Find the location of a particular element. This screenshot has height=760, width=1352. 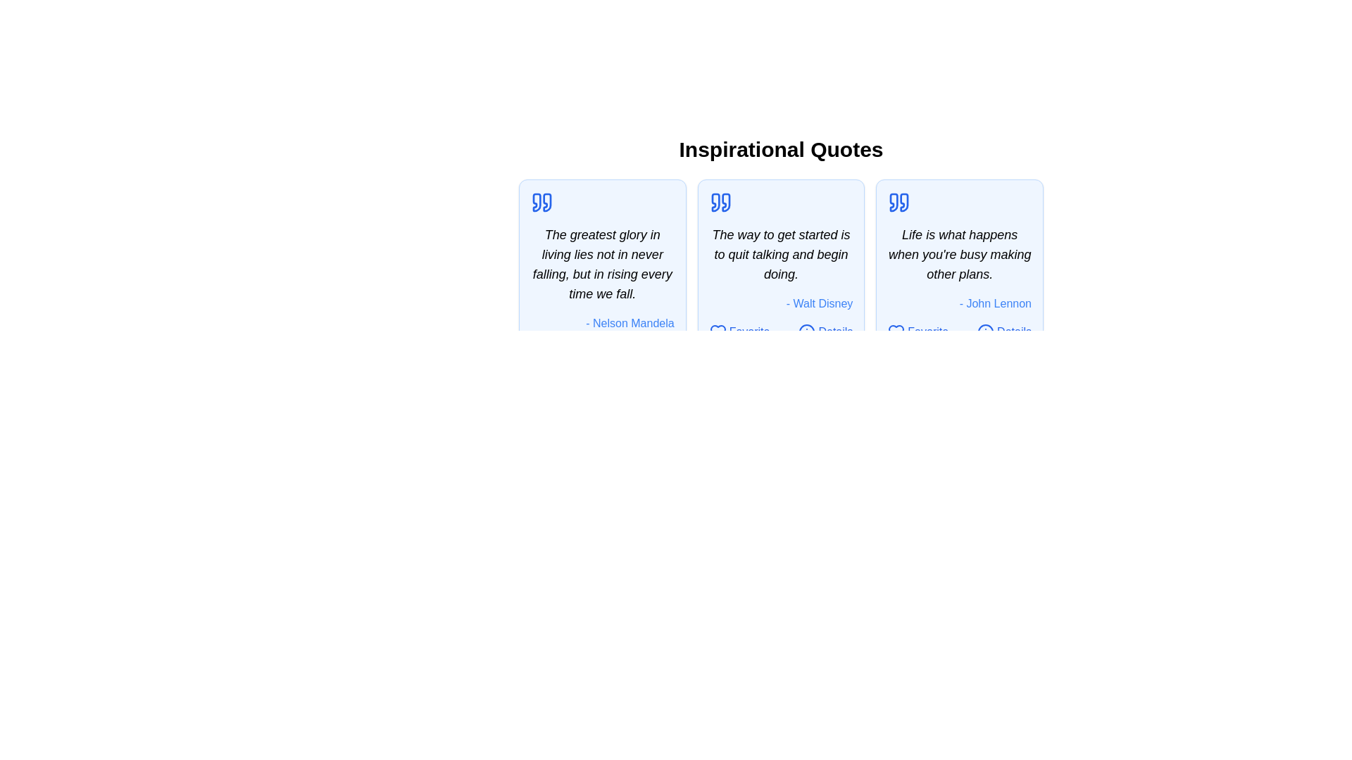

the text link located under the quote by 'Walt Disney' in the central quote card is located at coordinates (835, 331).